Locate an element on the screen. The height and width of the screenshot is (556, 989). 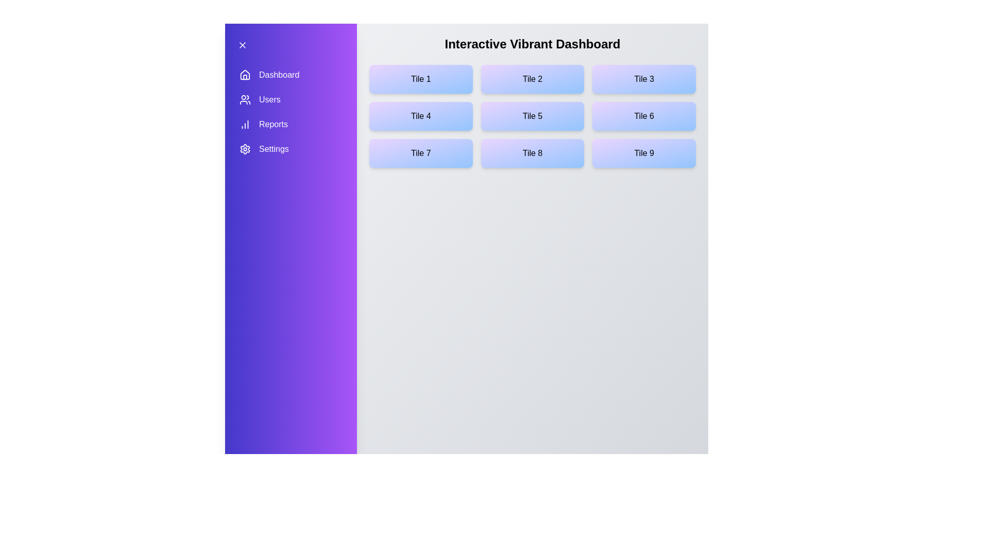
the menu item Dashboard in the sidebar is located at coordinates (291, 75).